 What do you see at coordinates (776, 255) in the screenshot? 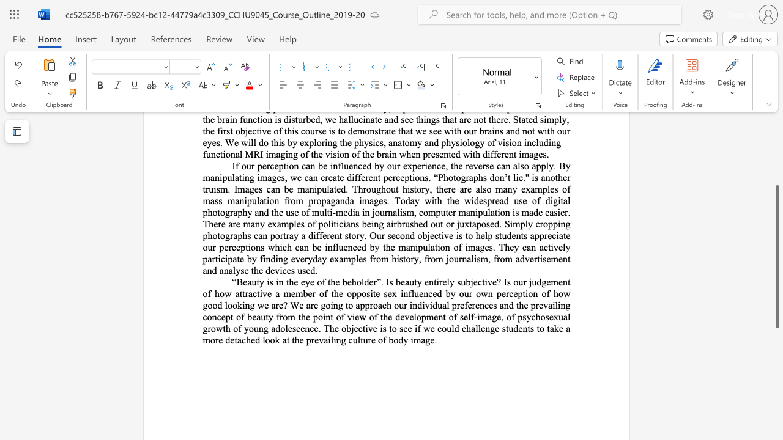
I see `the scrollbar and move up 230 pixels` at bounding box center [776, 255].